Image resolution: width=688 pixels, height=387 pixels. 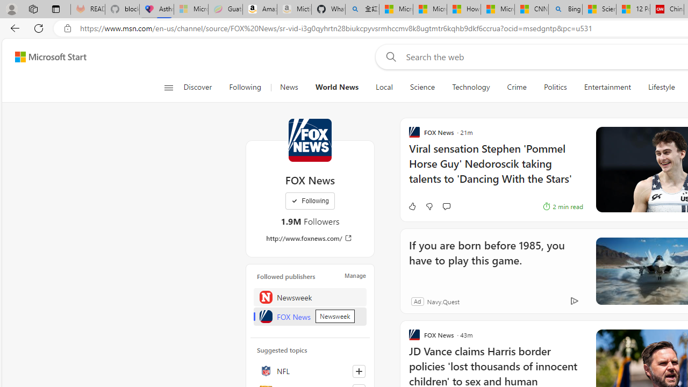 I want to click on 'Like', so click(x=411, y=206).